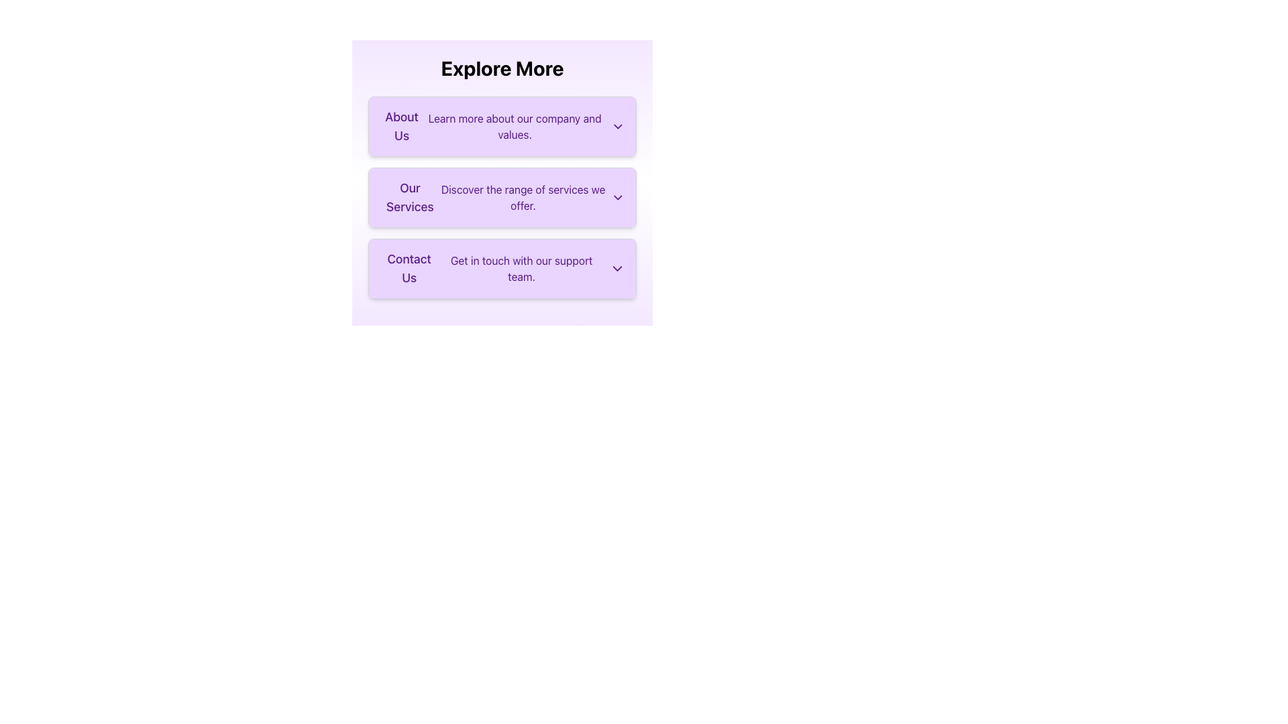 The width and height of the screenshot is (1288, 724). Describe the element at coordinates (616, 269) in the screenshot. I see `the downward-pointing chevron icon button outlined in purple within the 'Contact Us' section` at that location.